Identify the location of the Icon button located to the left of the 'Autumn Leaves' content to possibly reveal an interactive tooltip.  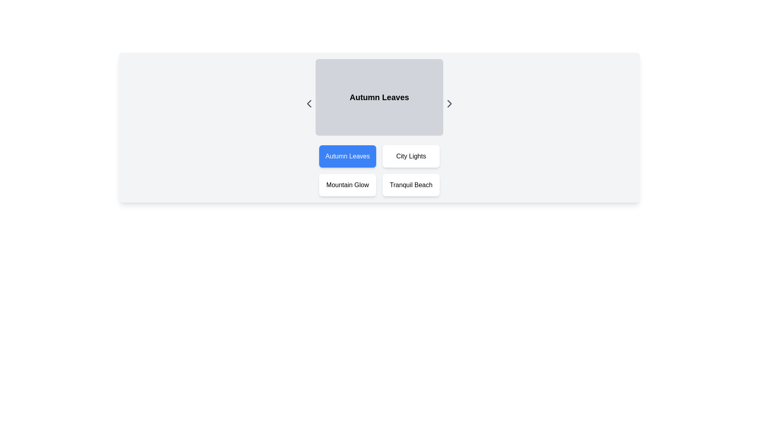
(308, 103).